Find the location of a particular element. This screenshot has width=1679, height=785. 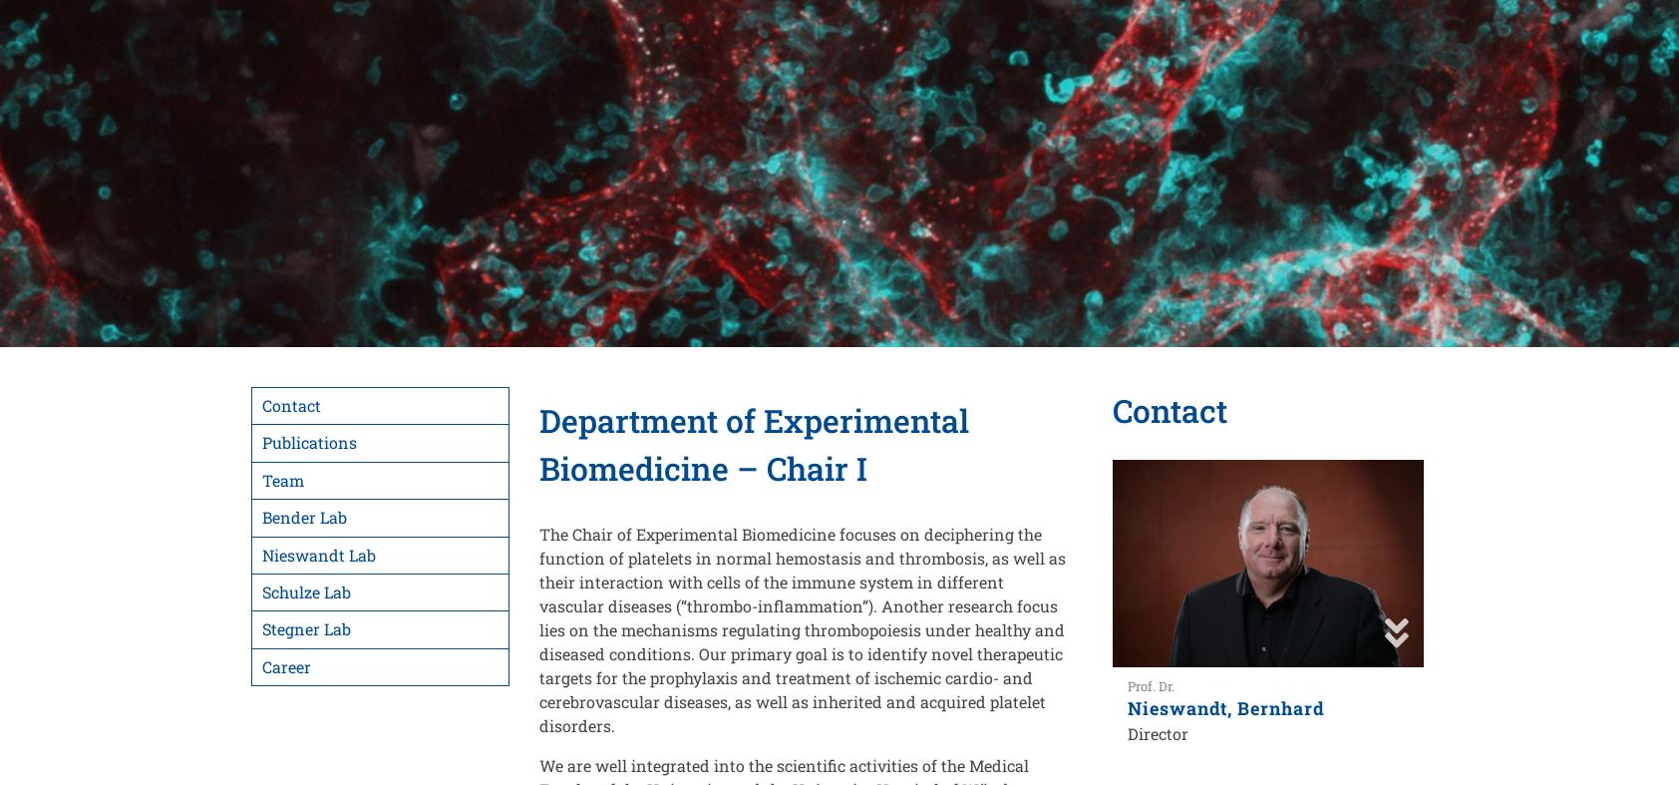

'Director' is located at coordinates (1157, 732).